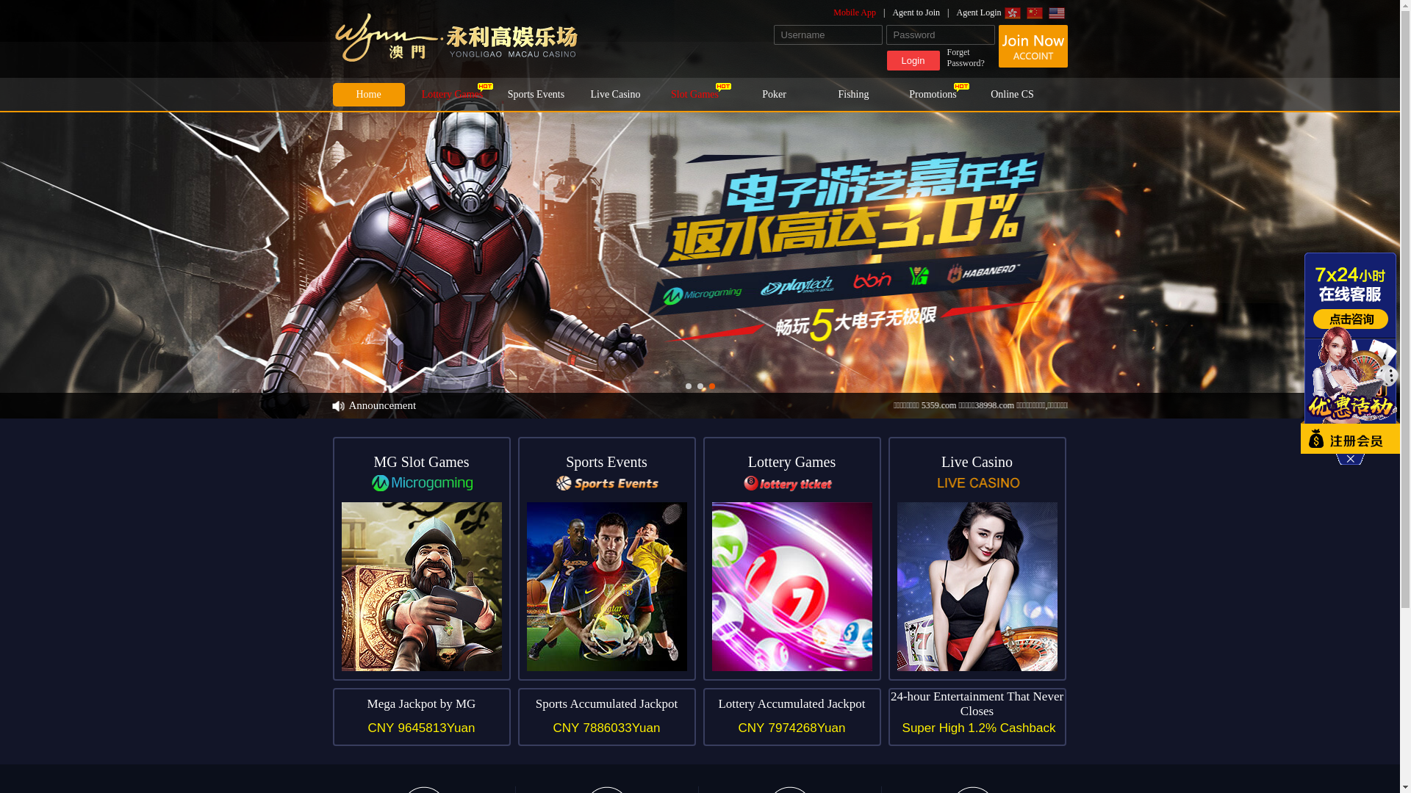  What do you see at coordinates (737, 94) in the screenshot?
I see `'Poker'` at bounding box center [737, 94].